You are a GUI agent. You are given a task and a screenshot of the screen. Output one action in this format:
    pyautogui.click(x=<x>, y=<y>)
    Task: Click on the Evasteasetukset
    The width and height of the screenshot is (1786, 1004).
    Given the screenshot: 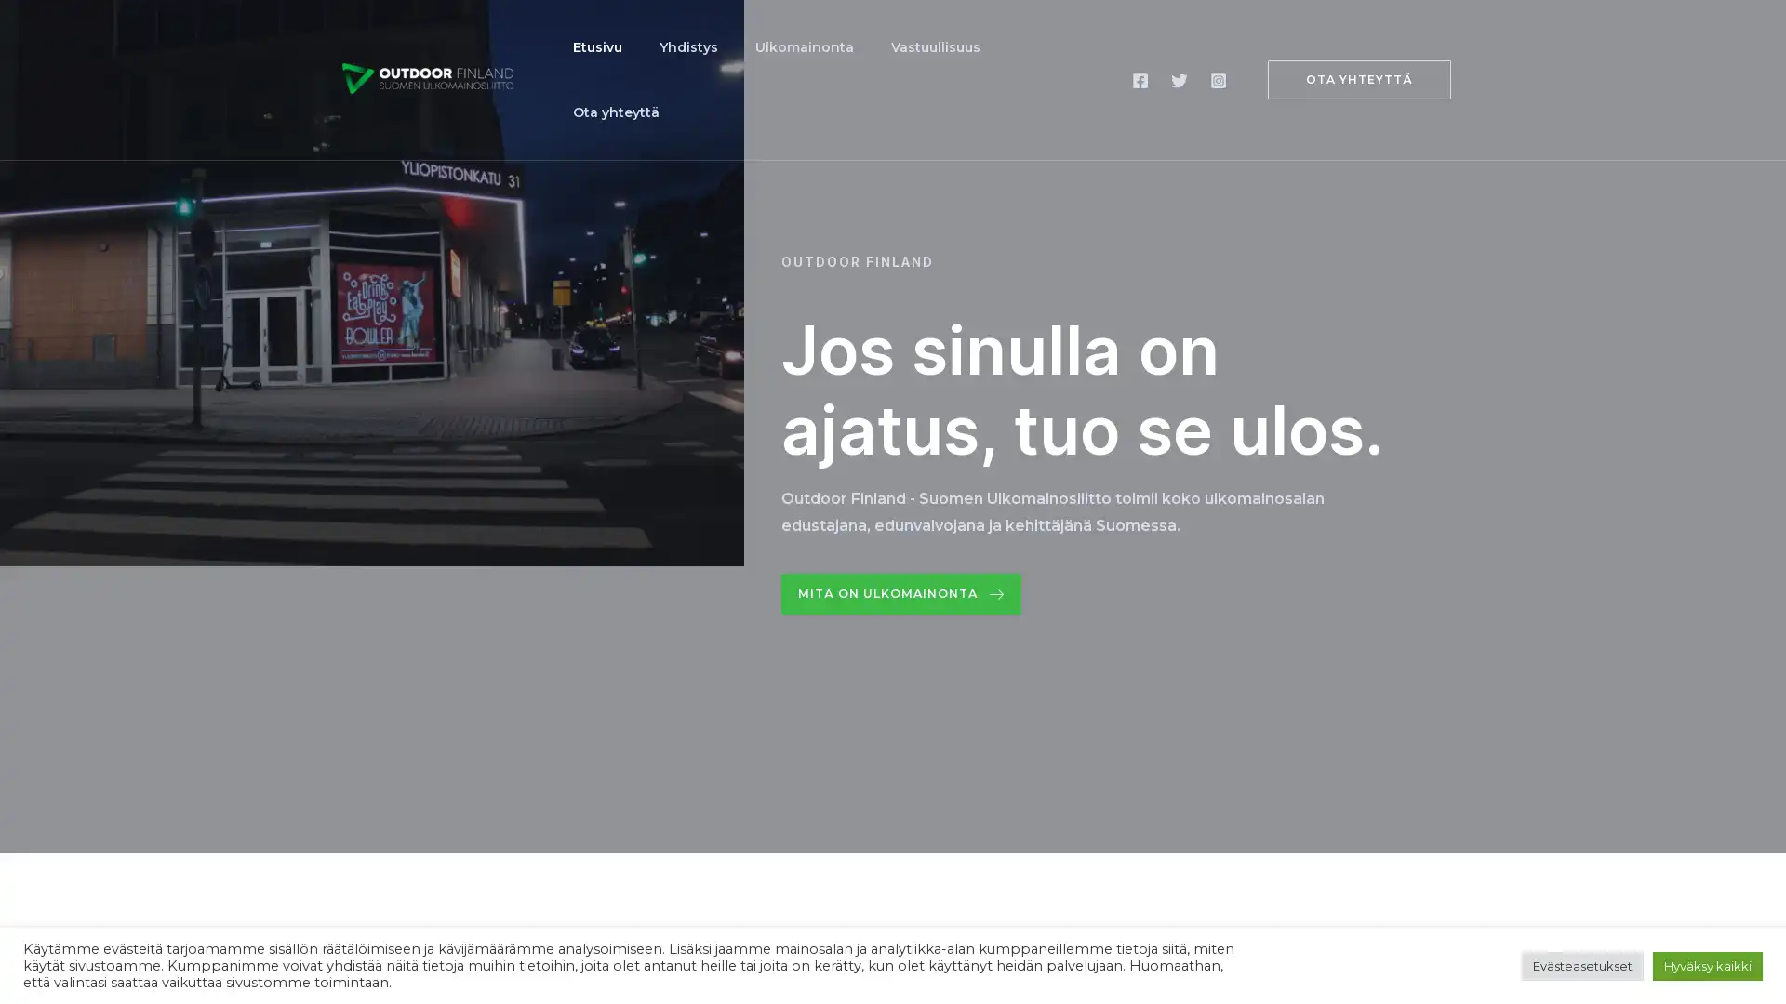 What is the action you would take?
    pyautogui.click(x=1581, y=964)
    